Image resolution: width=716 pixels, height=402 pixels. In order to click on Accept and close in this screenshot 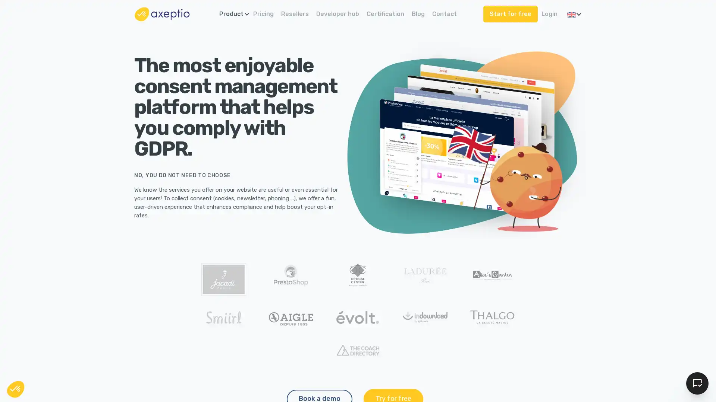, I will do `click(138, 361)`.